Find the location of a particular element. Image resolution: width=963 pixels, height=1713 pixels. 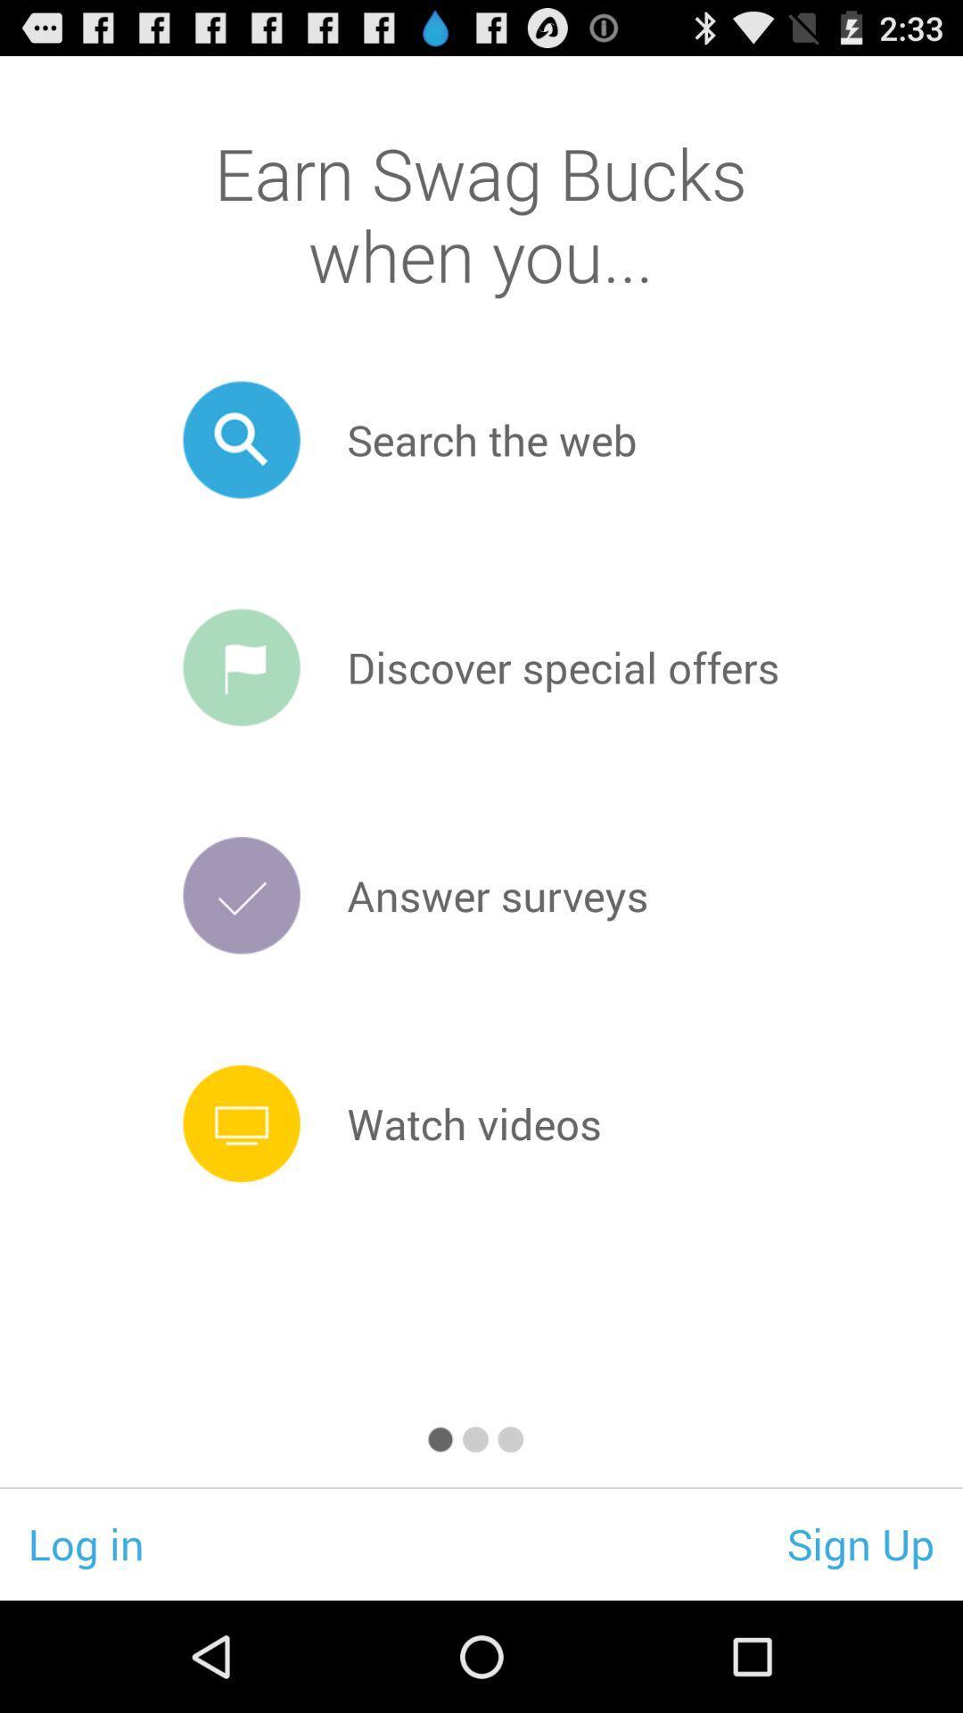

the sign up is located at coordinates (860, 1543).